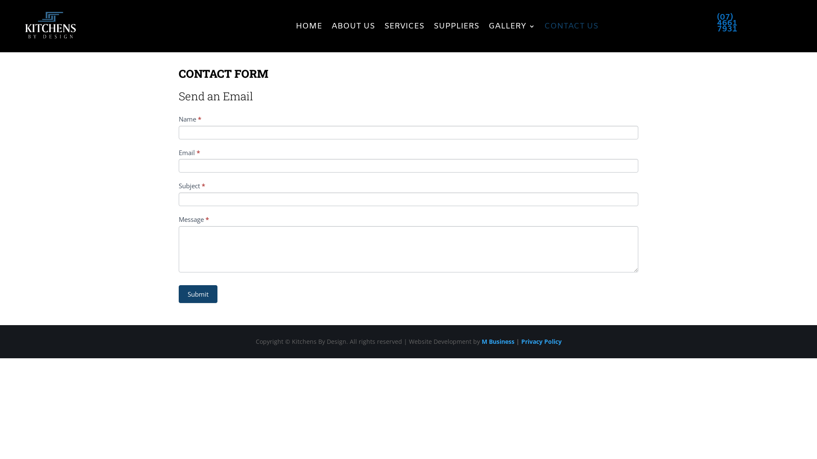  What do you see at coordinates (197, 293) in the screenshot?
I see `'Submit'` at bounding box center [197, 293].